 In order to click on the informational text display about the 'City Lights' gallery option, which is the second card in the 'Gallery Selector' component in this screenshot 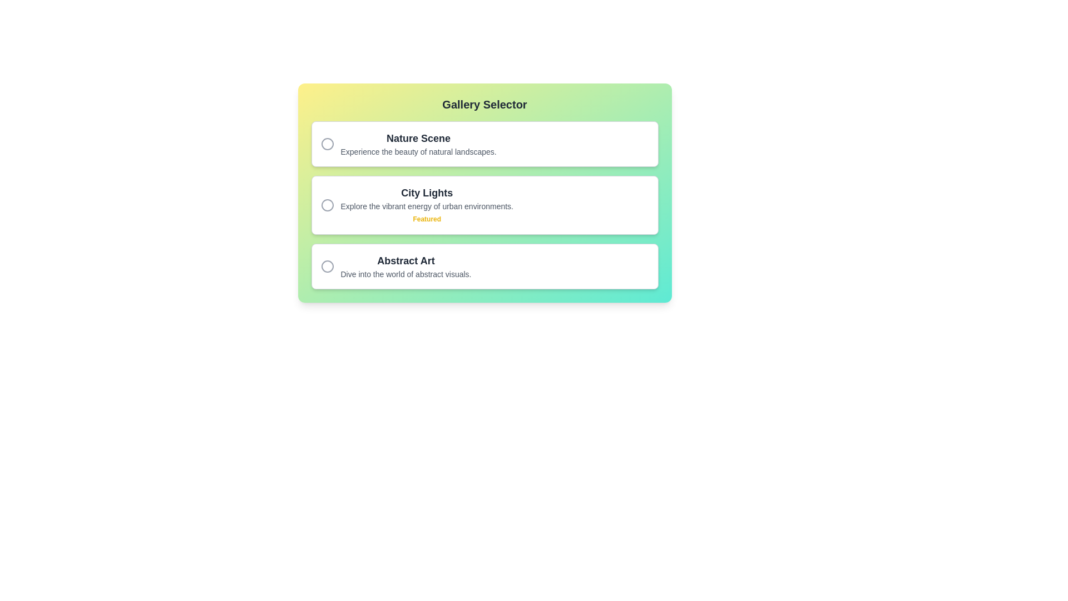, I will do `click(426, 205)`.